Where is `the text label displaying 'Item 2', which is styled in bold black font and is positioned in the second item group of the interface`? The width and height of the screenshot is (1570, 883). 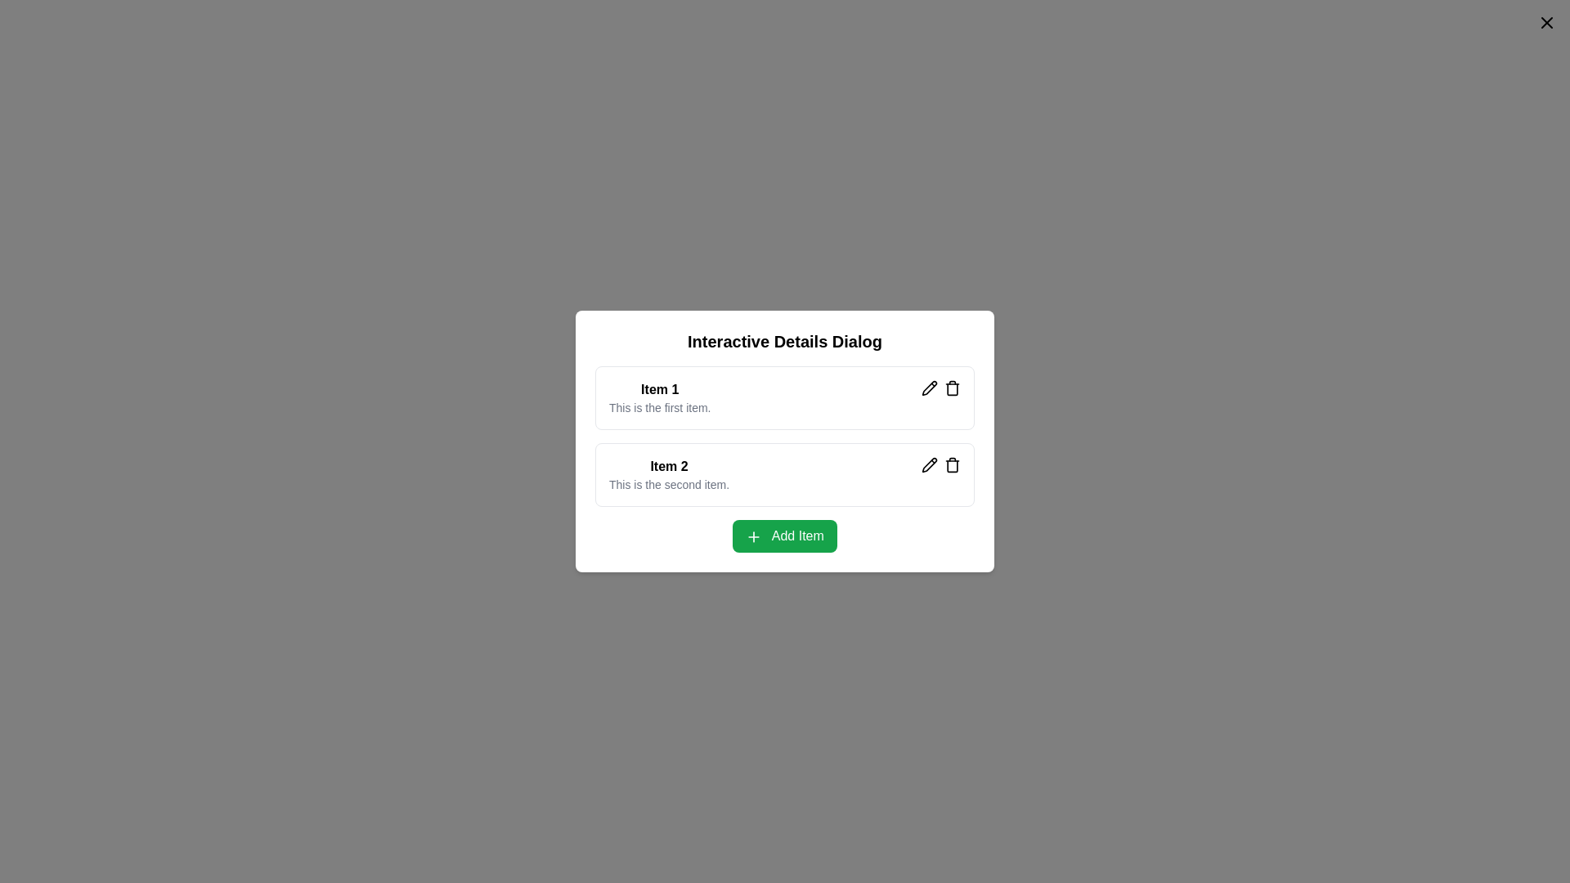 the text label displaying 'Item 2', which is styled in bold black font and is positioned in the second item group of the interface is located at coordinates (669, 466).